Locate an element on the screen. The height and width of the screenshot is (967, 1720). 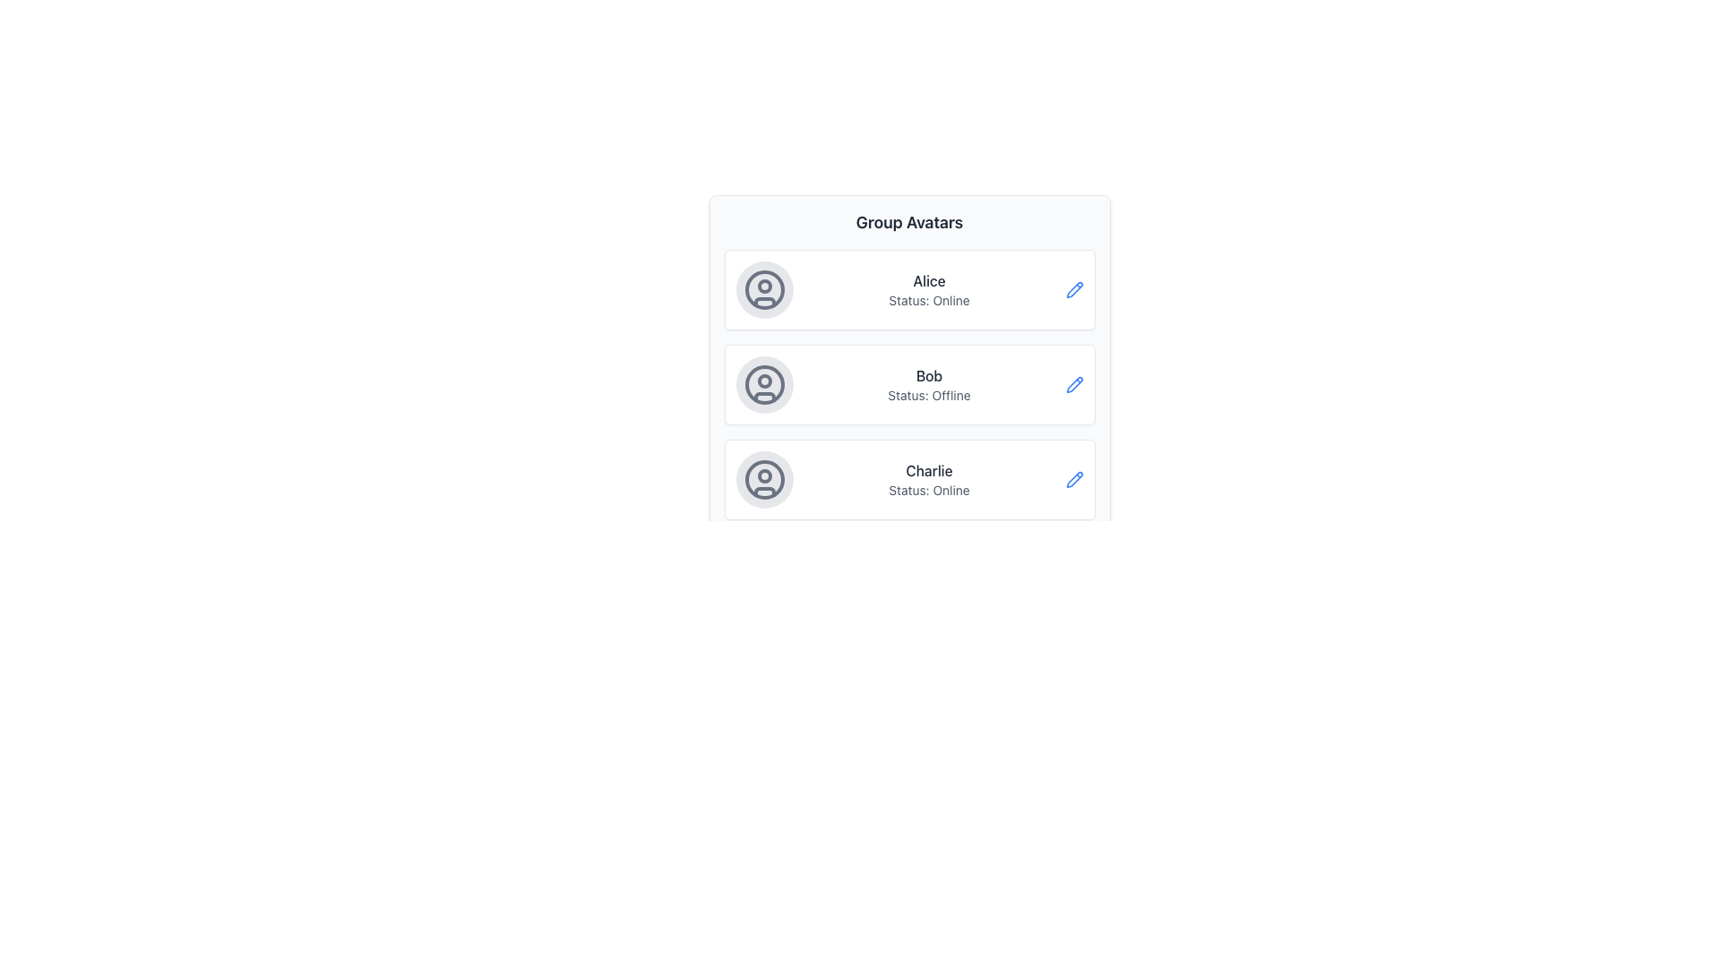
the text label representing the user in the group member list, which is located in the second row below 'Alice' and above 'Charlie' is located at coordinates (929, 375).